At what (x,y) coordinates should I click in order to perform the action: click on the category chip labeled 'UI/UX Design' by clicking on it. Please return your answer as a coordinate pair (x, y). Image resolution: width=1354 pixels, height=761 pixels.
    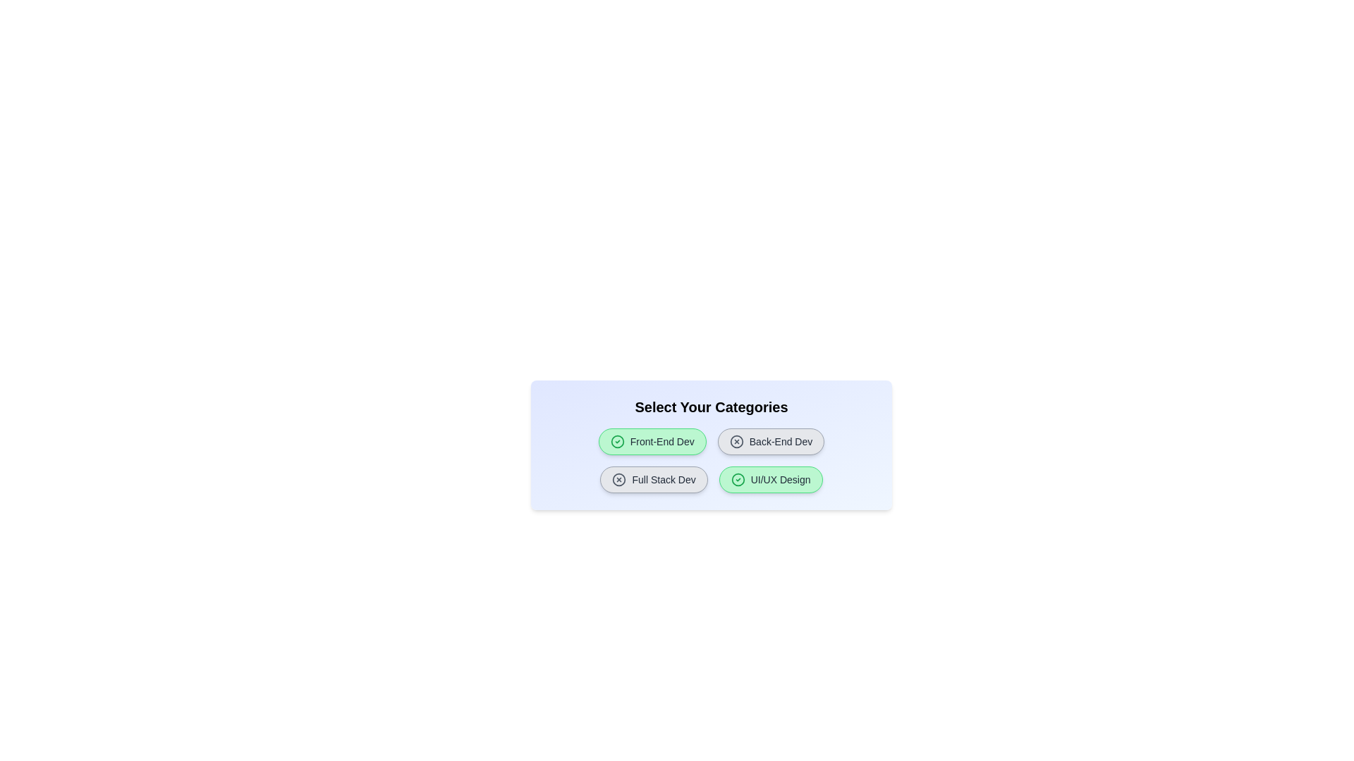
    Looking at the image, I should click on (770, 479).